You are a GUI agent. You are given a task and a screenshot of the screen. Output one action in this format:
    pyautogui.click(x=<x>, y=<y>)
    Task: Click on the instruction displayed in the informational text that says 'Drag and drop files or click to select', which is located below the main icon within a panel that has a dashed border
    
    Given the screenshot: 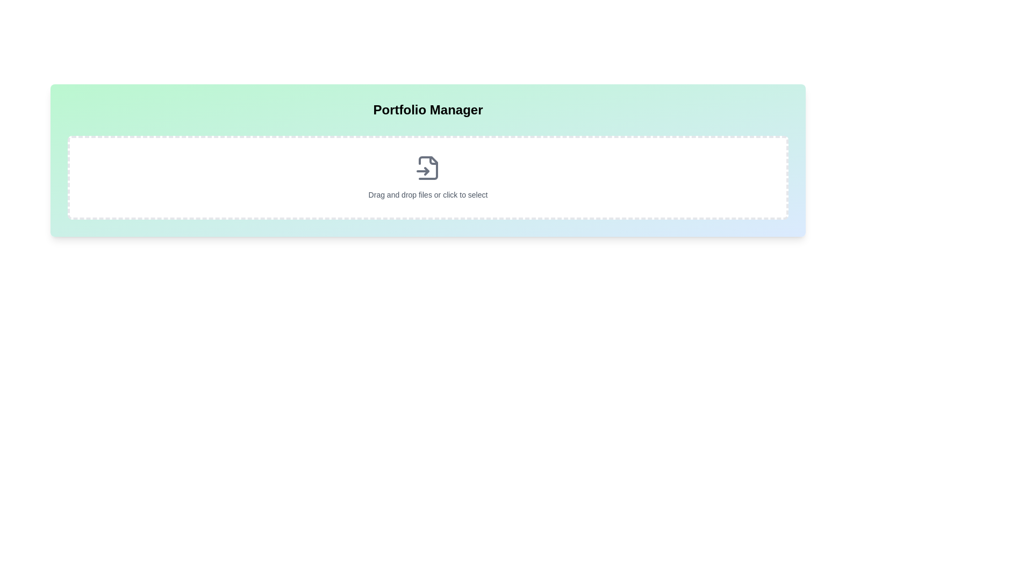 What is the action you would take?
    pyautogui.click(x=427, y=194)
    